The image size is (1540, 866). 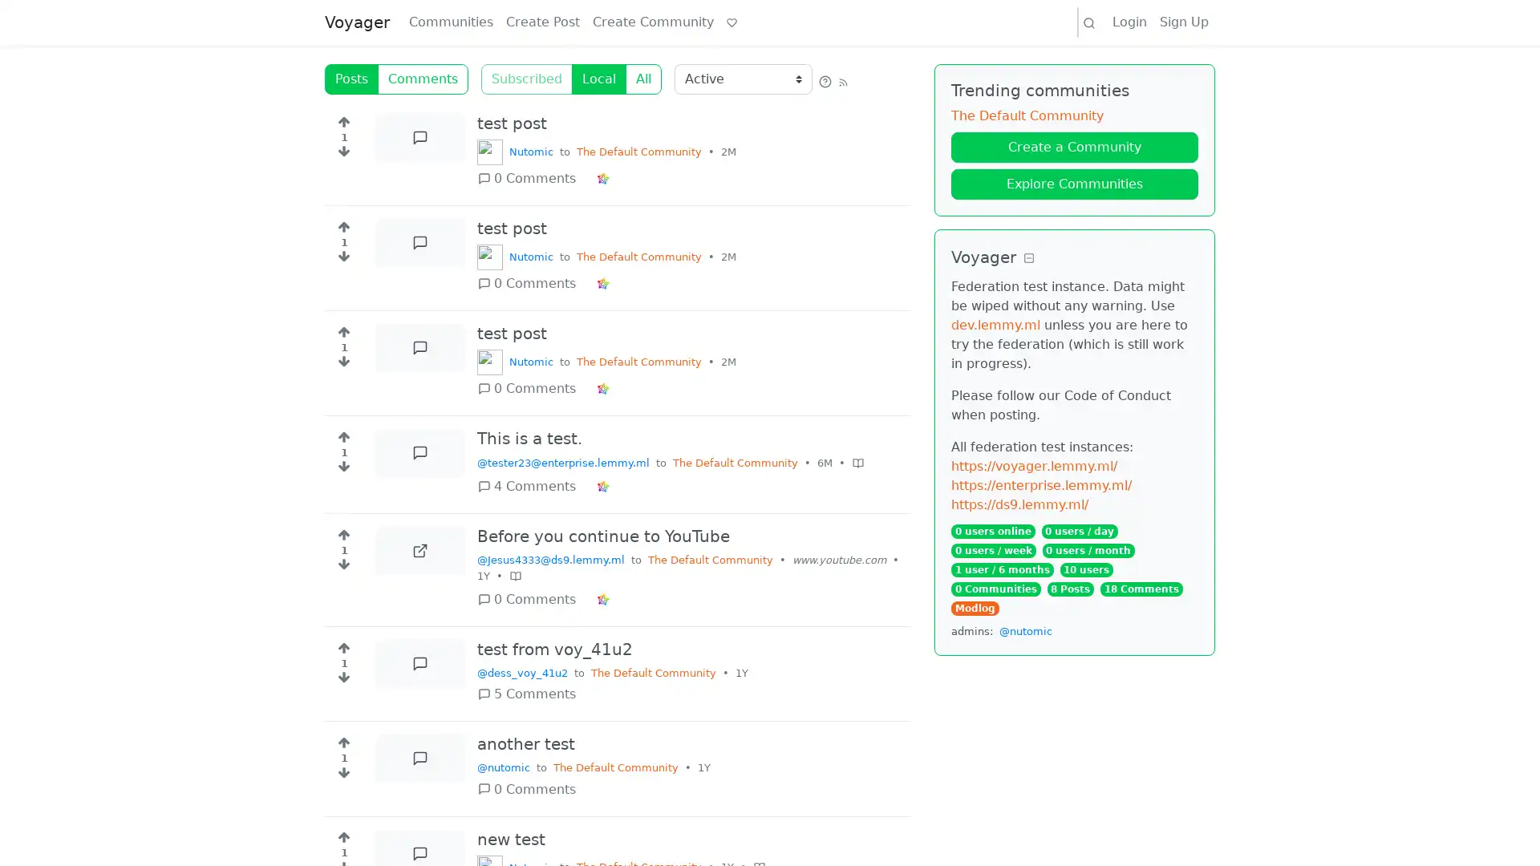 What do you see at coordinates (342, 834) in the screenshot?
I see `Upvote` at bounding box center [342, 834].